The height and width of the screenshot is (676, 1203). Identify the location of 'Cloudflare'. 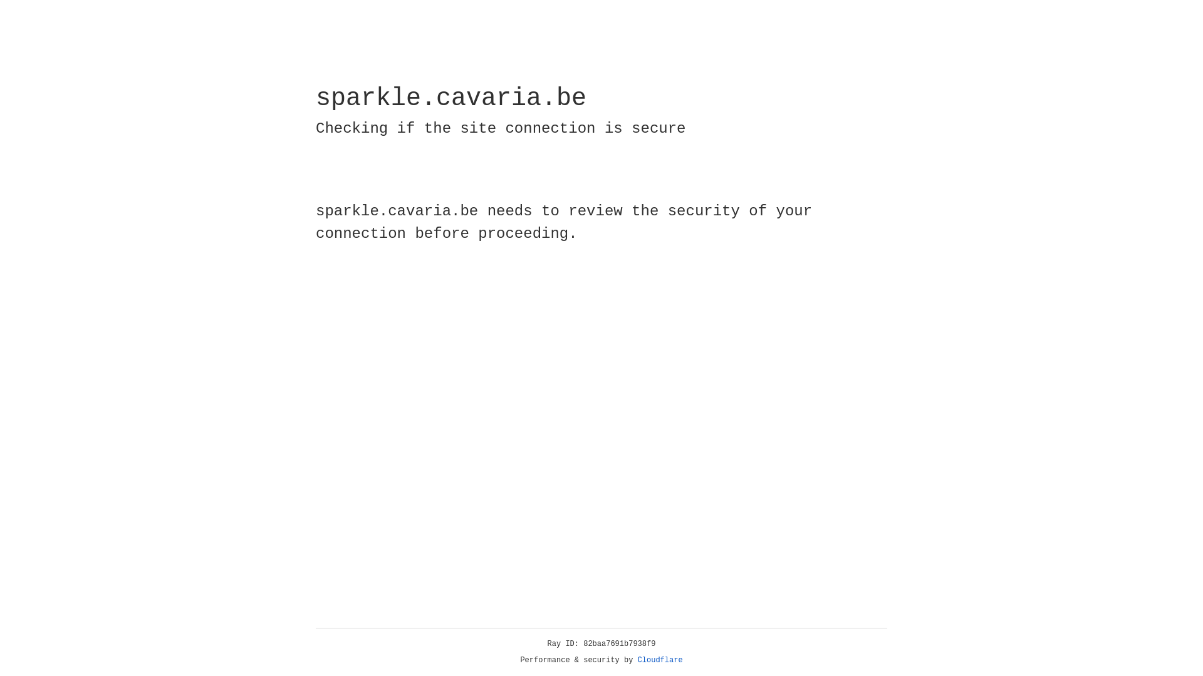
(660, 660).